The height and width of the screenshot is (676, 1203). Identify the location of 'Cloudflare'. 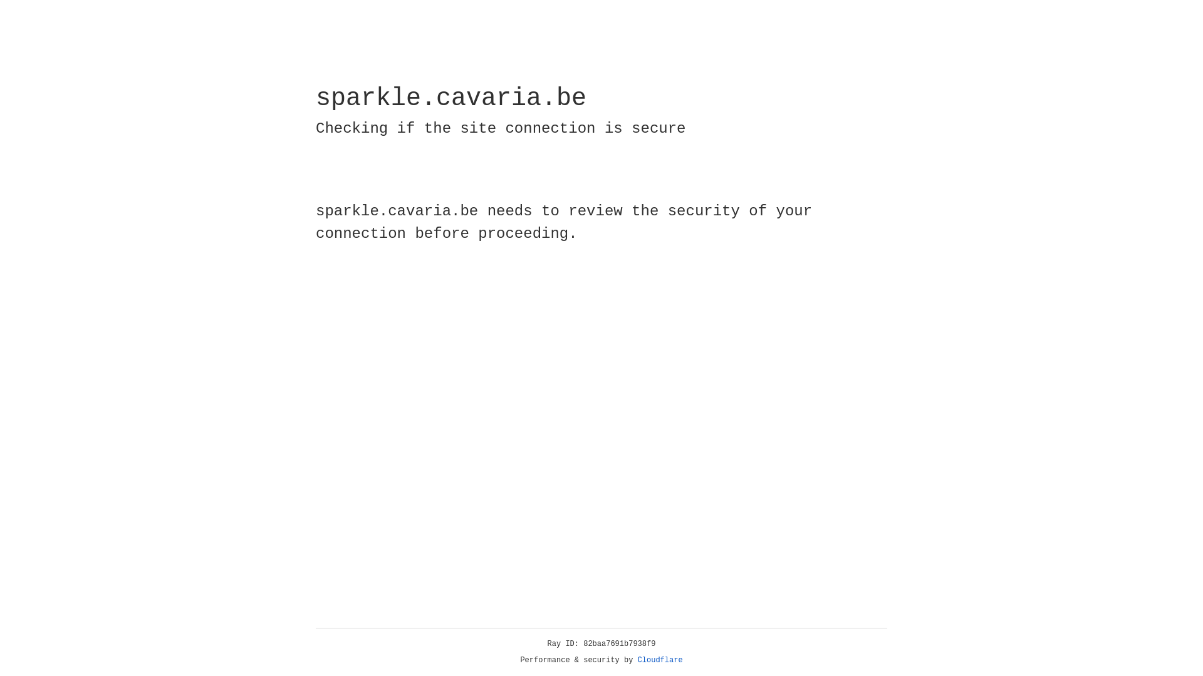
(660, 660).